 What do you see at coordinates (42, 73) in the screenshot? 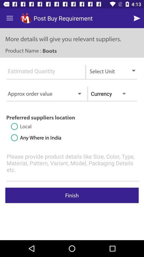
I see `write in estimated quantity` at bounding box center [42, 73].